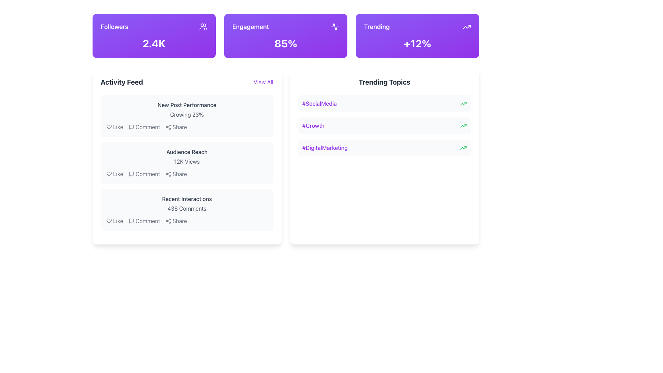 This screenshot has width=663, height=373. Describe the element at coordinates (187, 151) in the screenshot. I see `the 'Audience Reach' text label, which serves as a header for the related metrics in the Activity Feed section, located below the 'New Post Performance' card and above the '12K Views' metric` at that location.